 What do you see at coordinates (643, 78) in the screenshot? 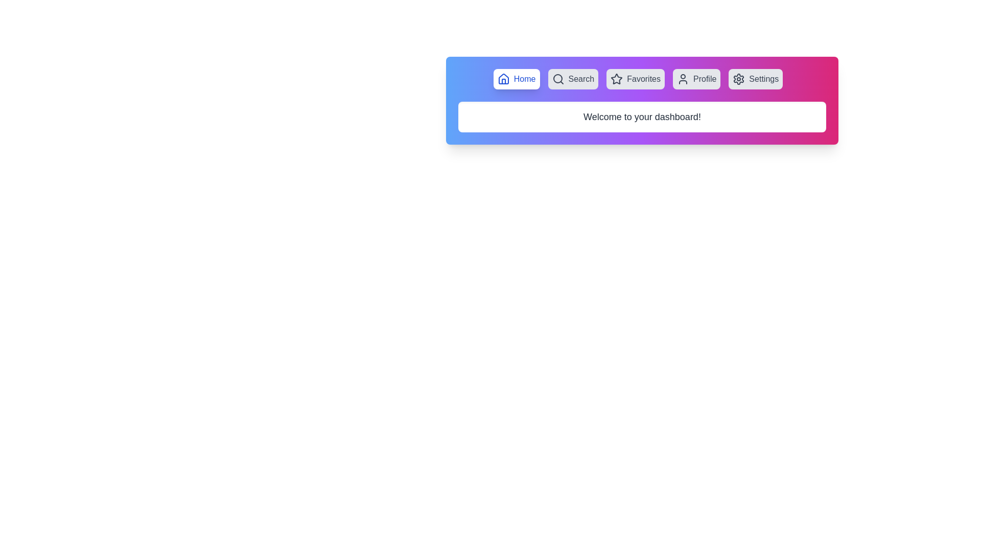
I see `the 'Favorites' text label in the navigation bar` at bounding box center [643, 78].